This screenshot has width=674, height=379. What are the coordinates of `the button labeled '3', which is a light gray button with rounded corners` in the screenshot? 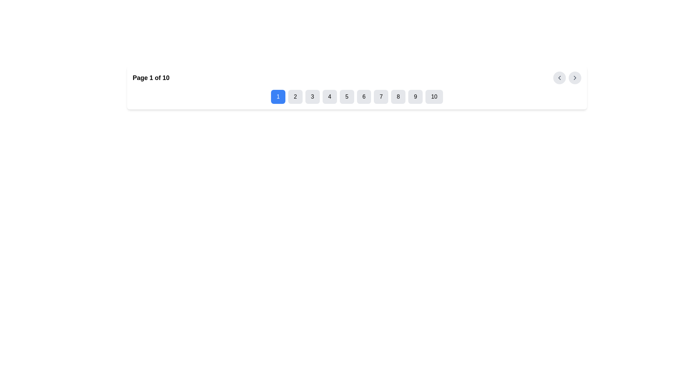 It's located at (312, 97).